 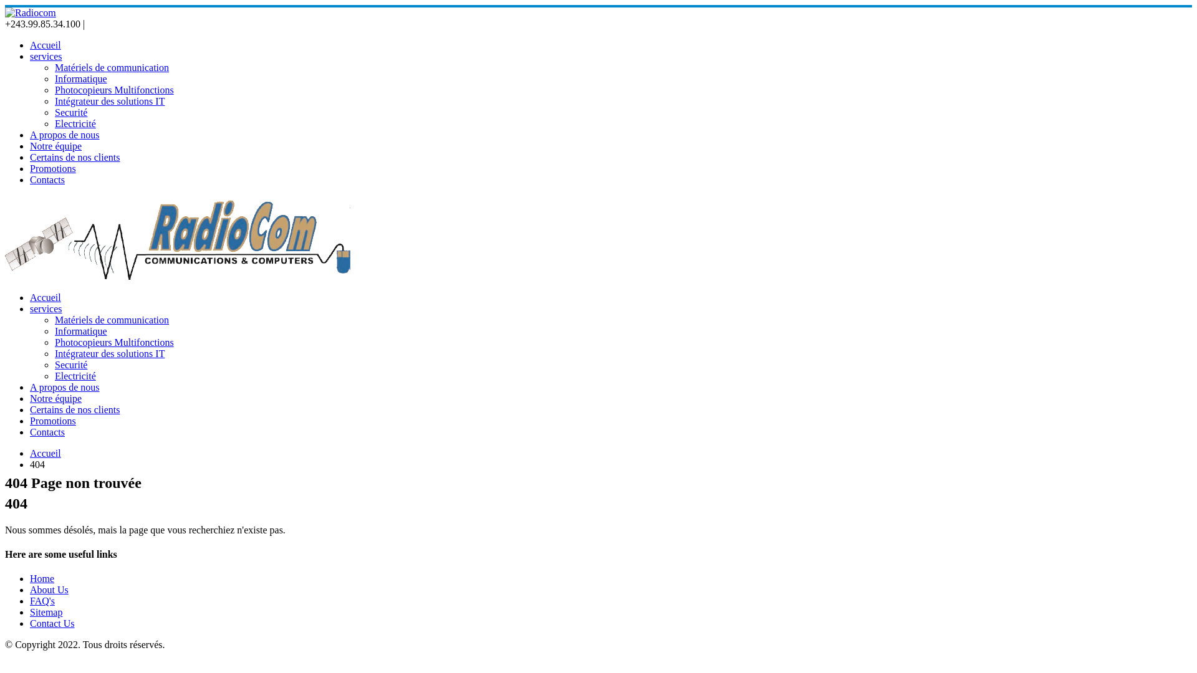 I want to click on 'Contacts', so click(x=47, y=179).